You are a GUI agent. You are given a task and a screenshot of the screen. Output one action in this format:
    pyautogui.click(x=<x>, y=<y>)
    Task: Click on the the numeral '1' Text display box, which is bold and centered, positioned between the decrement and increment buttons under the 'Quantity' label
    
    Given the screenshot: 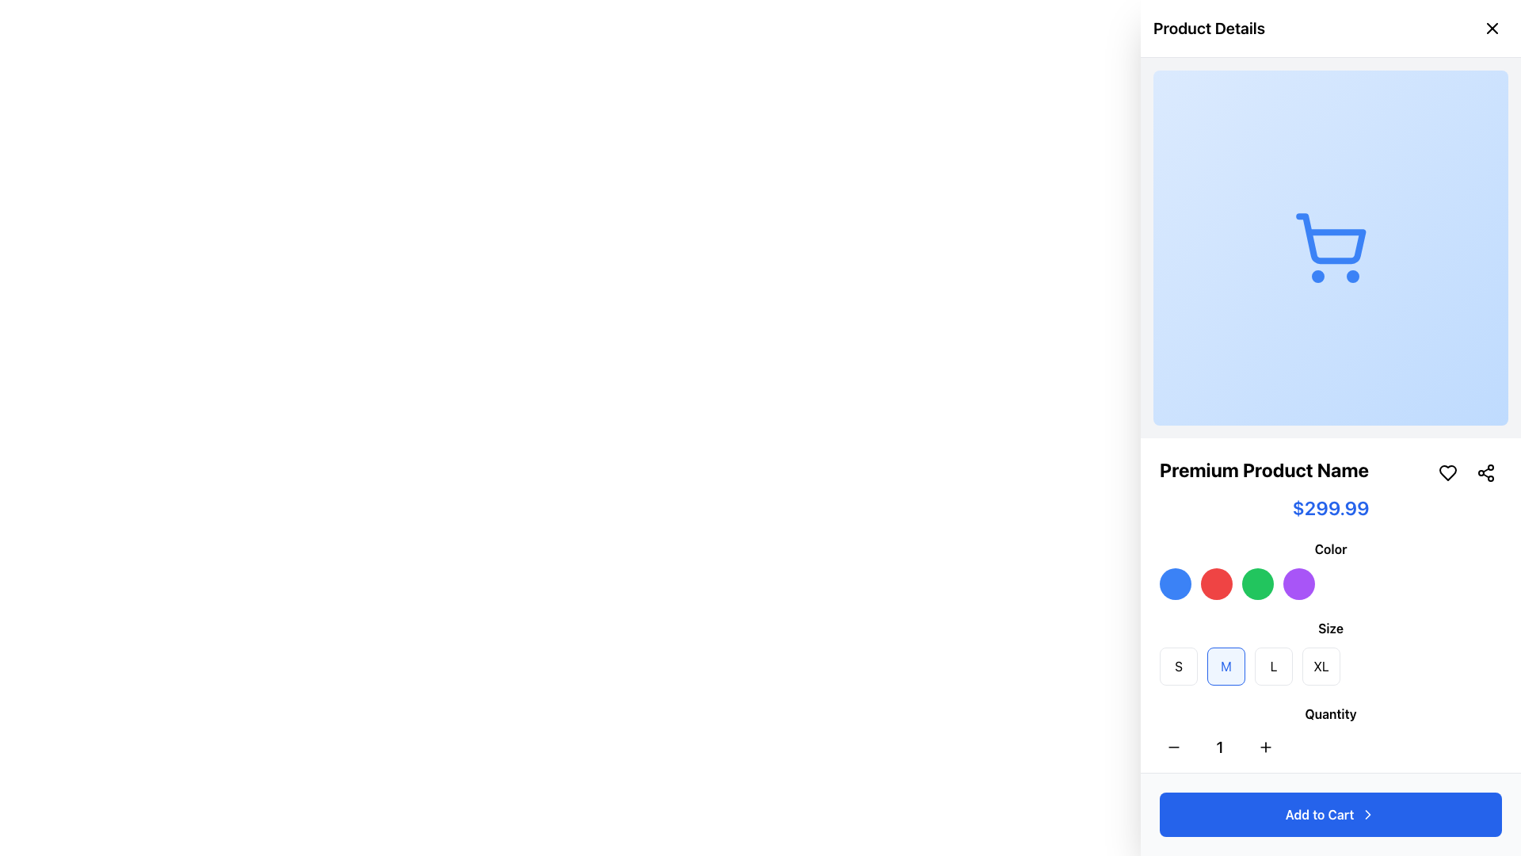 What is the action you would take?
    pyautogui.click(x=1219, y=747)
    